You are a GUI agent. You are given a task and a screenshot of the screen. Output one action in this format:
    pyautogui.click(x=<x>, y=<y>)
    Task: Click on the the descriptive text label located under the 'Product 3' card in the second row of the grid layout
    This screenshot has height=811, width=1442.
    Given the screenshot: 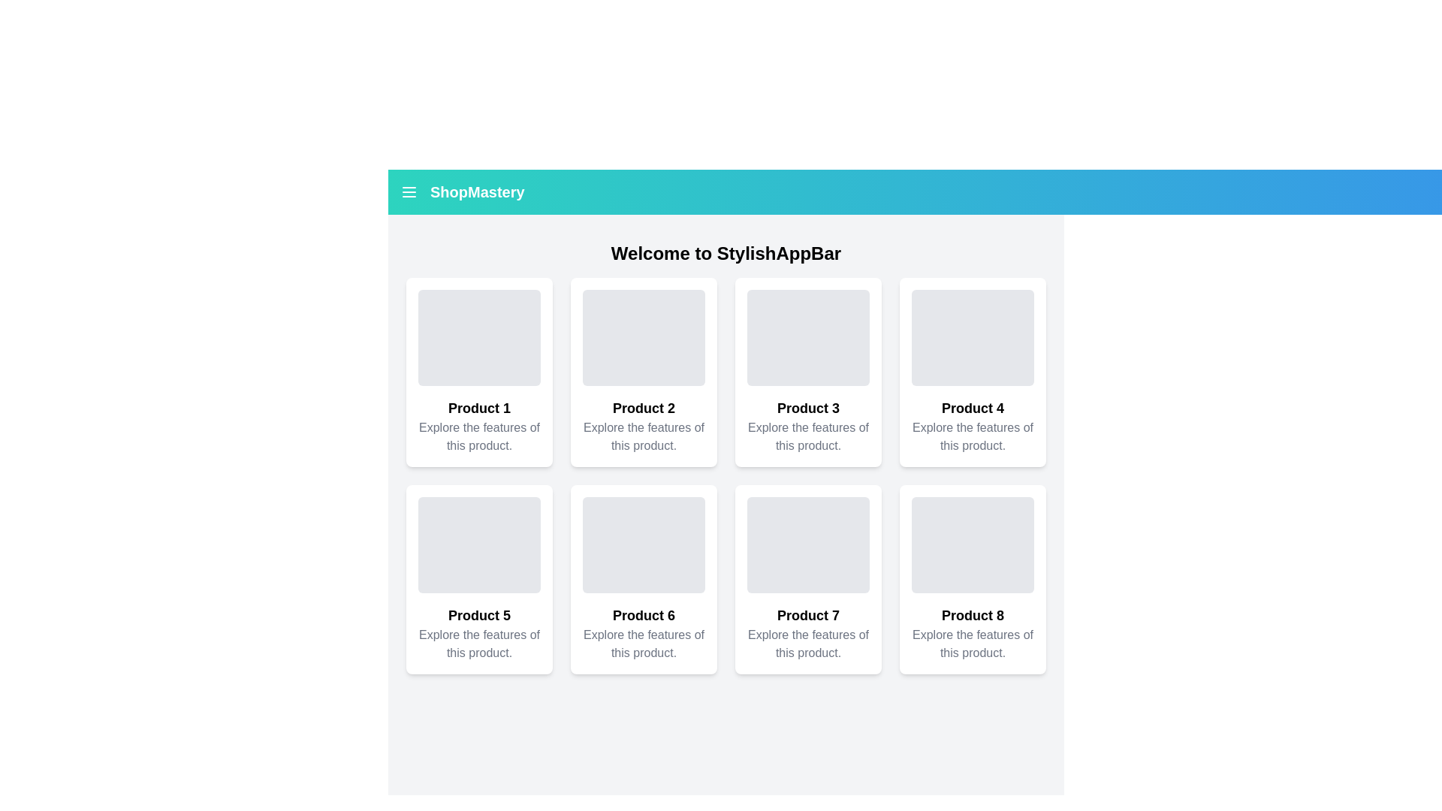 What is the action you would take?
    pyautogui.click(x=807, y=437)
    